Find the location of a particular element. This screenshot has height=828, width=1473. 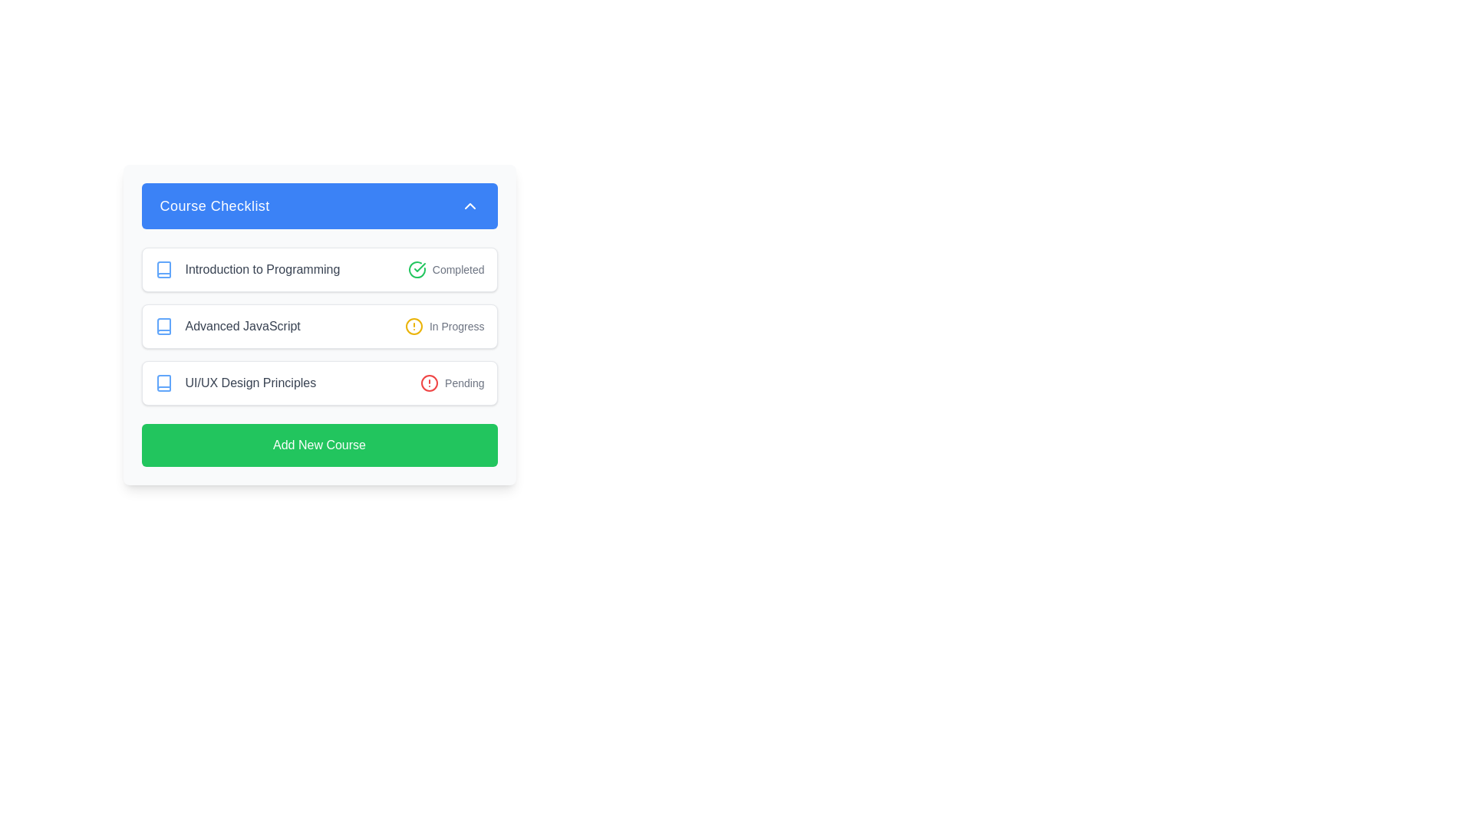

the educational icon positioned at the beginning of the row containing the text 'Advanced JavaScript' is located at coordinates (163, 325).